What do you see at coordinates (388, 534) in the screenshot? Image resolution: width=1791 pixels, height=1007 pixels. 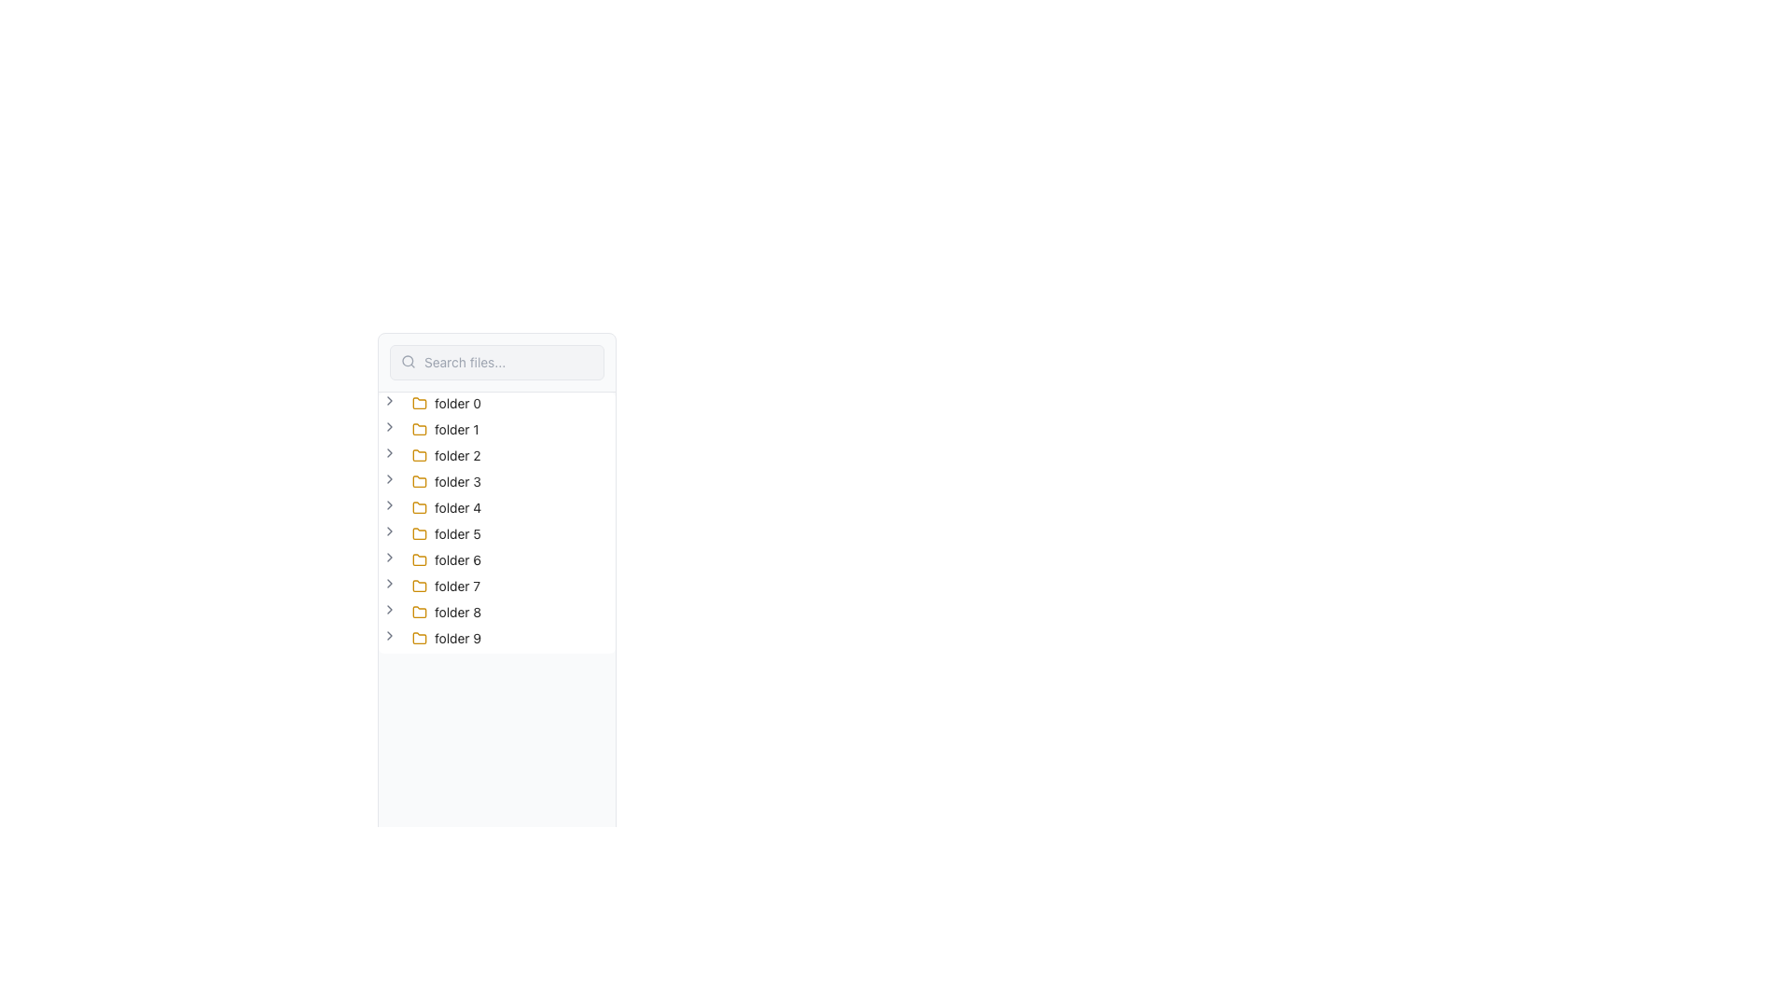 I see `the toggle button located before the label 'folder 5'` at bounding box center [388, 534].